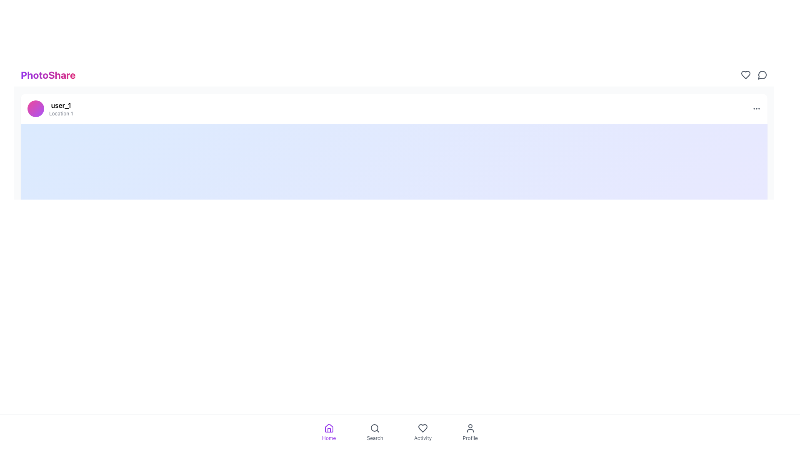  I want to click on the message or comment icon located at the top-right corner of the content card area, so click(762, 75).